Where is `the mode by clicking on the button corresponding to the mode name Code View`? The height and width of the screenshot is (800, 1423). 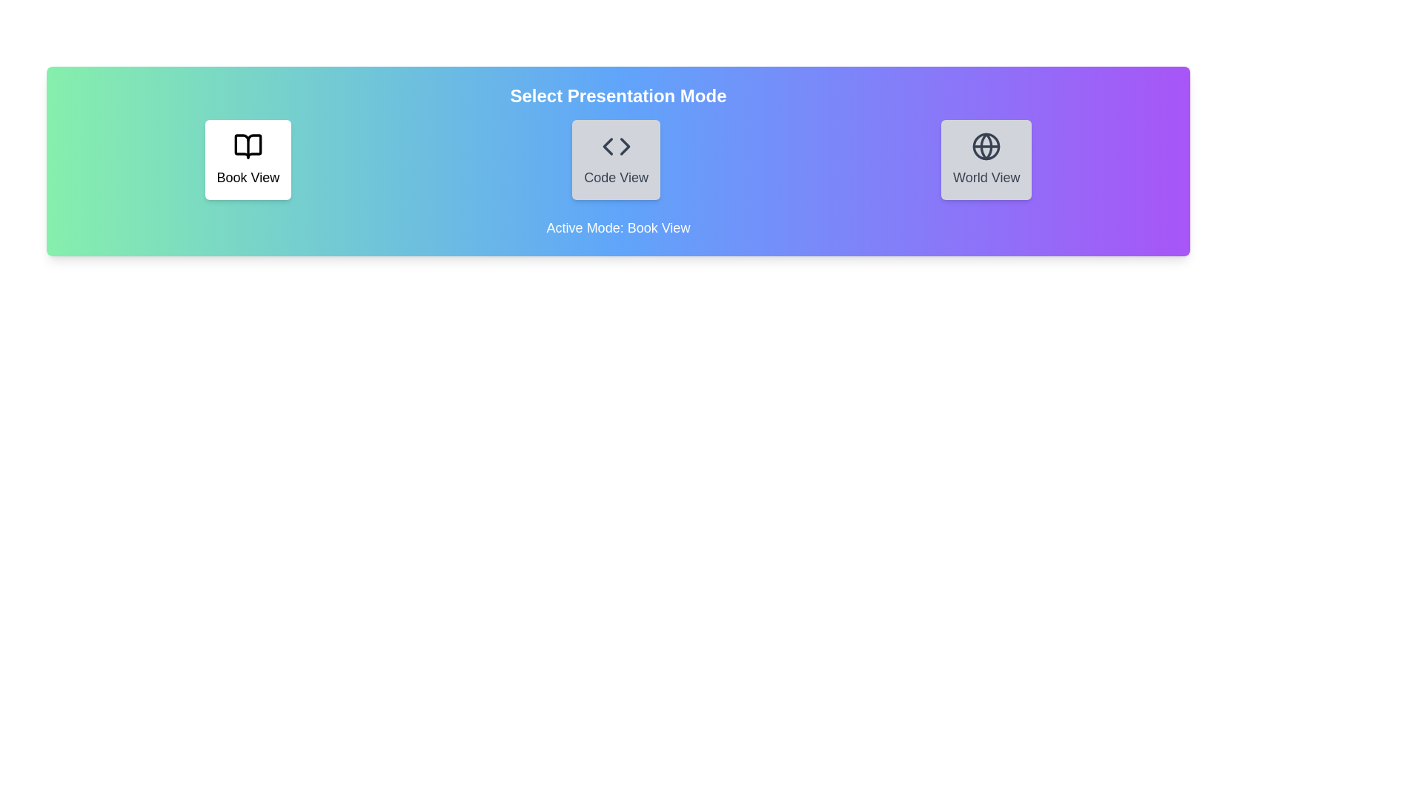
the mode by clicking on the button corresponding to the mode name Code View is located at coordinates (616, 160).